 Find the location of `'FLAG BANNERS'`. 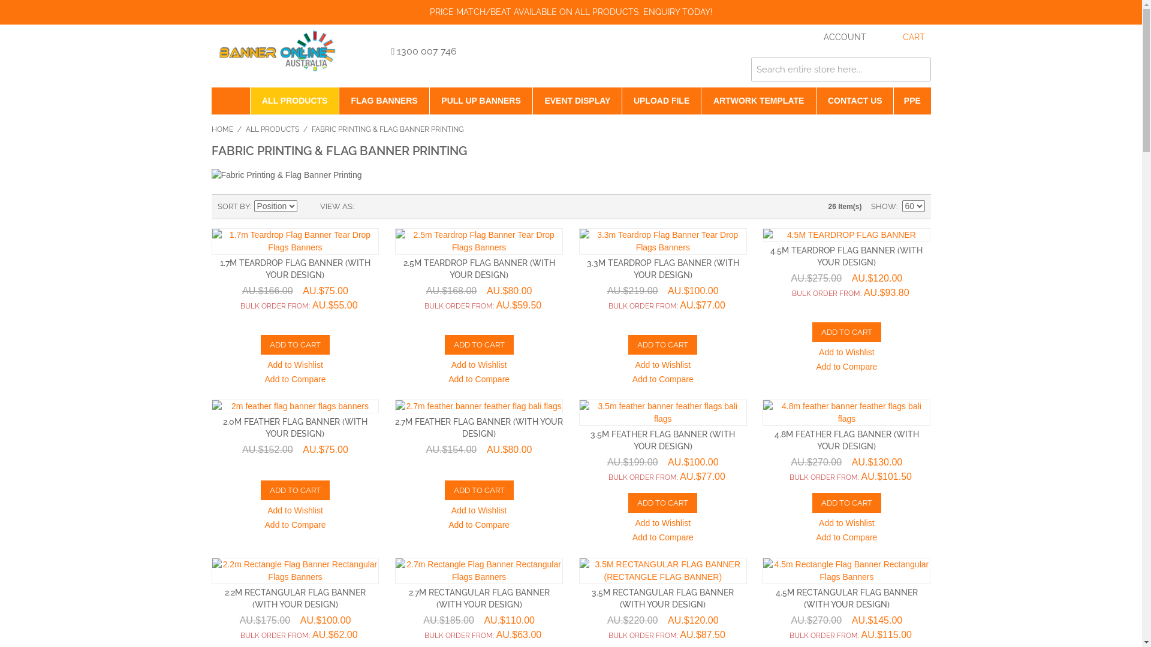

'FLAG BANNERS' is located at coordinates (384, 100).